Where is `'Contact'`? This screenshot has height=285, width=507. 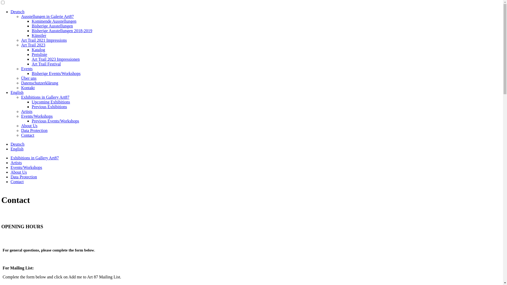 'Contact' is located at coordinates (27, 135).